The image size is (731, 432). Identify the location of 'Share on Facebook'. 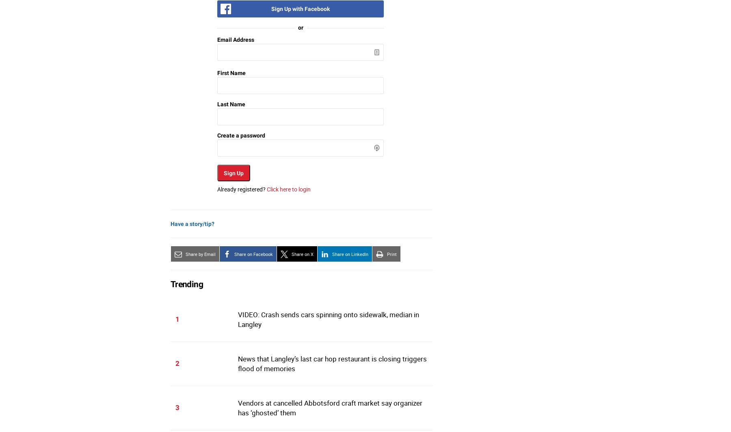
(253, 254).